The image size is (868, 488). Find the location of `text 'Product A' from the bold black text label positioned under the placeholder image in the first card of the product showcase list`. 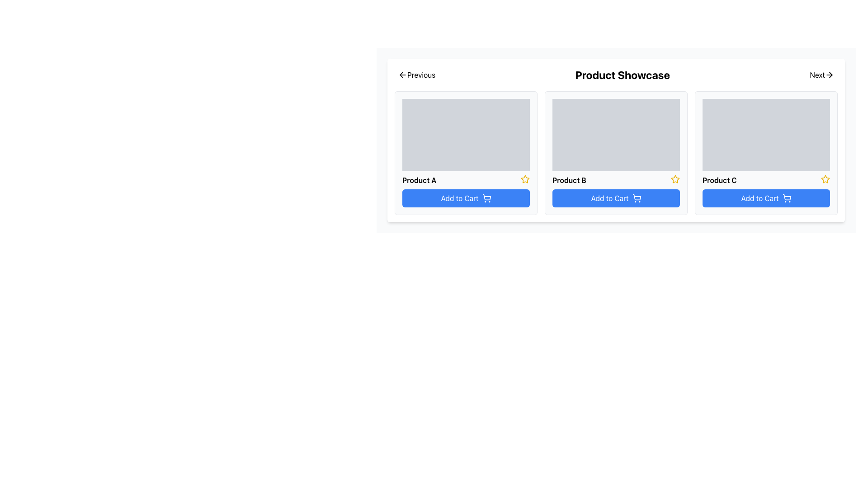

text 'Product A' from the bold black text label positioned under the placeholder image in the first card of the product showcase list is located at coordinates (419, 180).